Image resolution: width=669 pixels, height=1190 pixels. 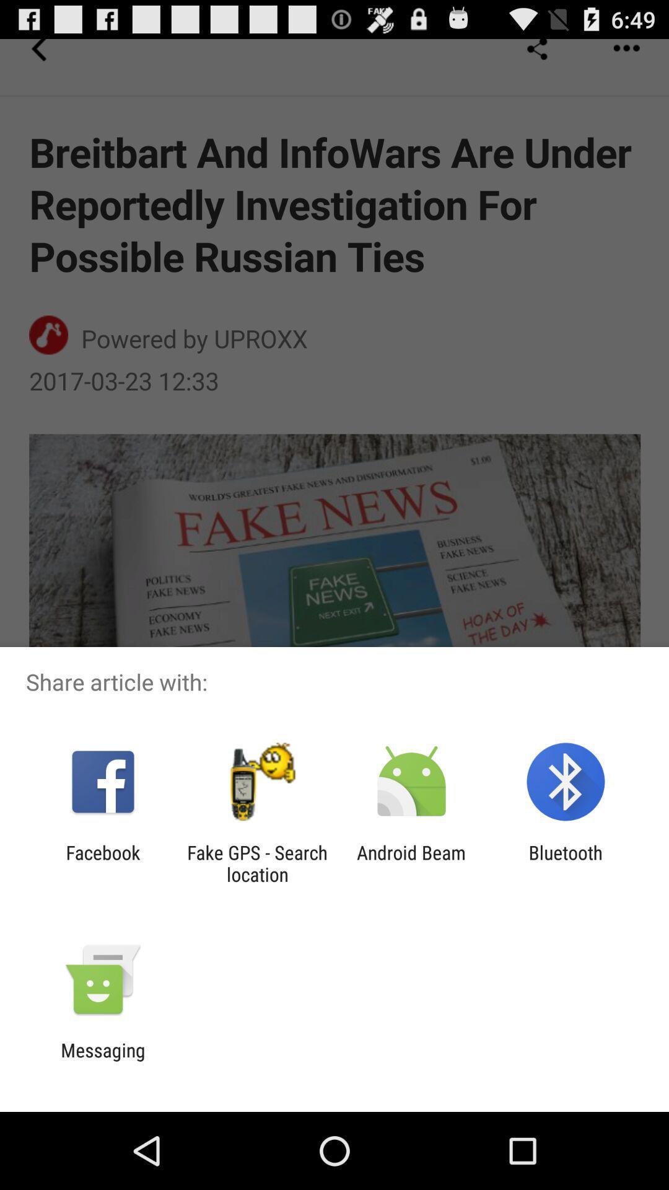 I want to click on icon at the bottom right corner, so click(x=566, y=863).